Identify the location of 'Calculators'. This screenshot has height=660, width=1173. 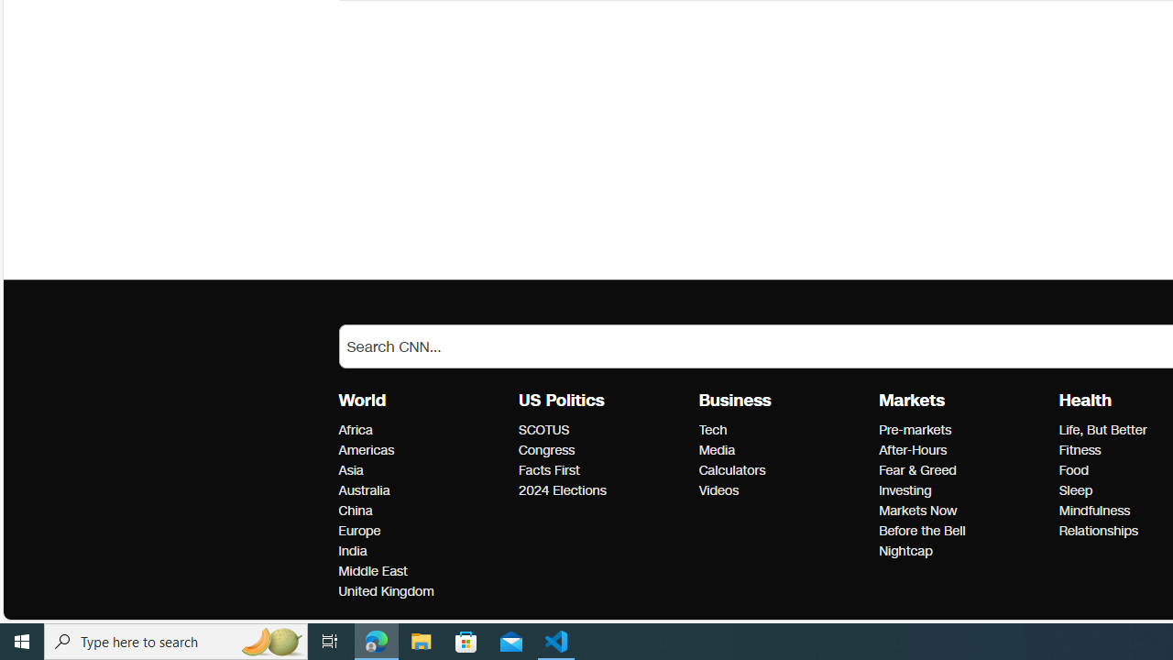
(784, 469).